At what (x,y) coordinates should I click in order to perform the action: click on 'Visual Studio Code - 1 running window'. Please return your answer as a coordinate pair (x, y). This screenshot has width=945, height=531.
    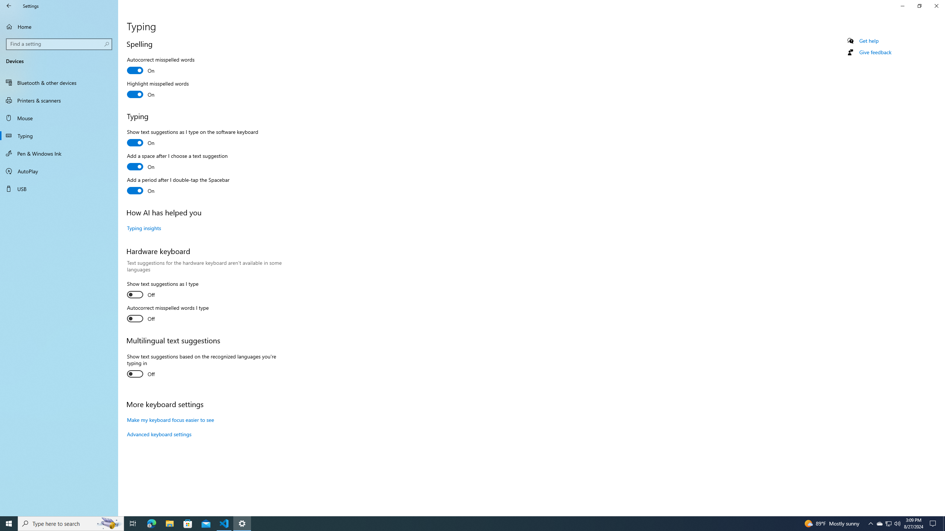
    Looking at the image, I should click on (224, 523).